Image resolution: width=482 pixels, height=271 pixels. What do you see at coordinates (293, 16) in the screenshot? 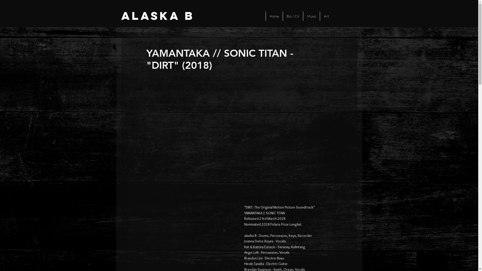
I see `'Bio / CV'` at bounding box center [293, 16].